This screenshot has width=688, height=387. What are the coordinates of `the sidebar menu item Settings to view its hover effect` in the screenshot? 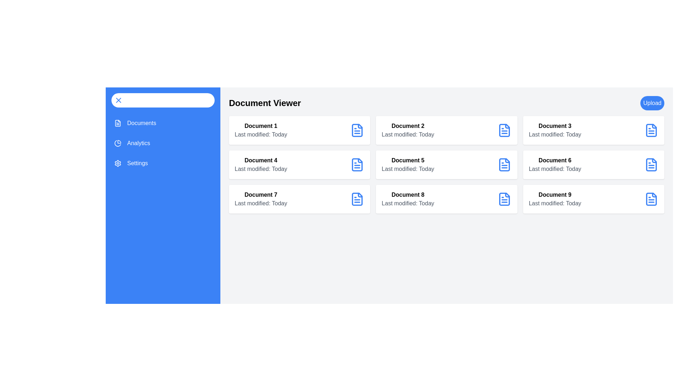 It's located at (163, 163).